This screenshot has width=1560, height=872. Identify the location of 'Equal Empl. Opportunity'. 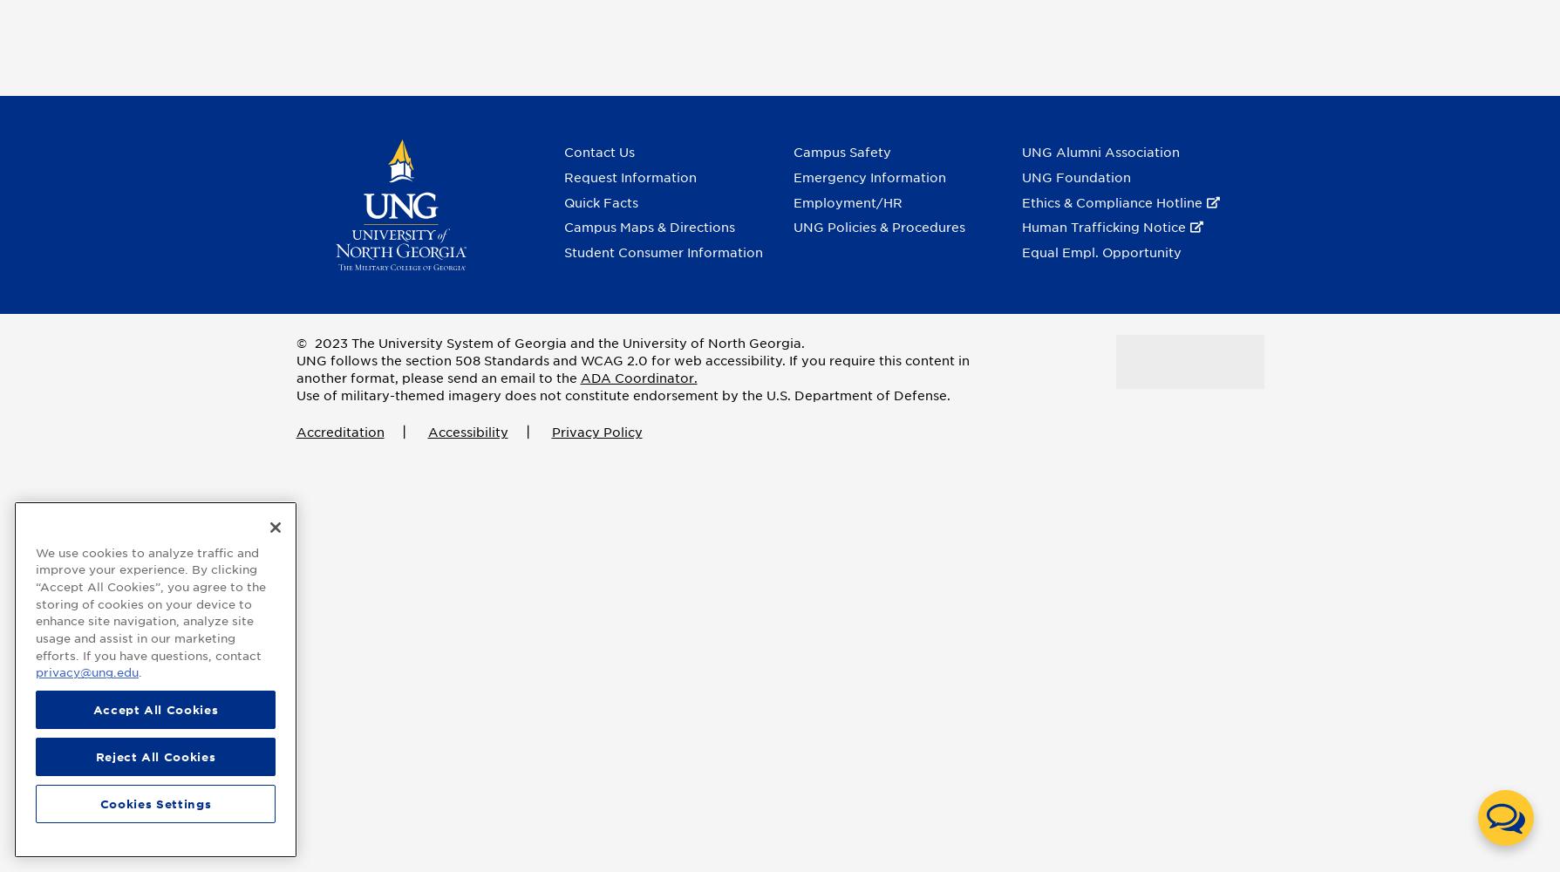
(1020, 253).